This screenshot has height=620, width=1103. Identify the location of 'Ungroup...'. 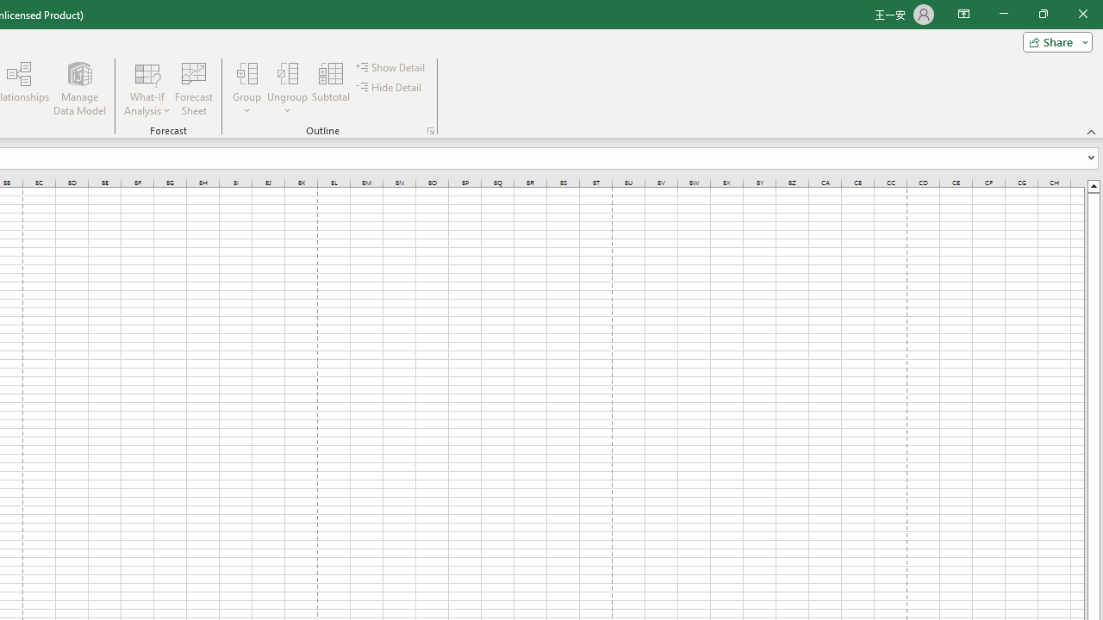
(288, 72).